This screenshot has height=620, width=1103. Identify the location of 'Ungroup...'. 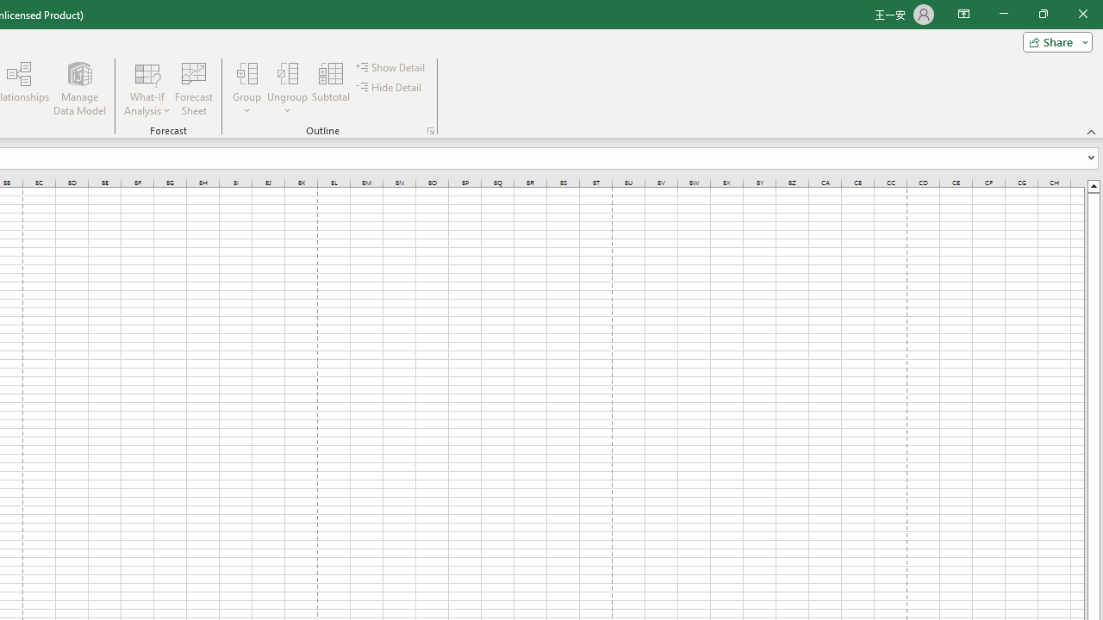
(288, 72).